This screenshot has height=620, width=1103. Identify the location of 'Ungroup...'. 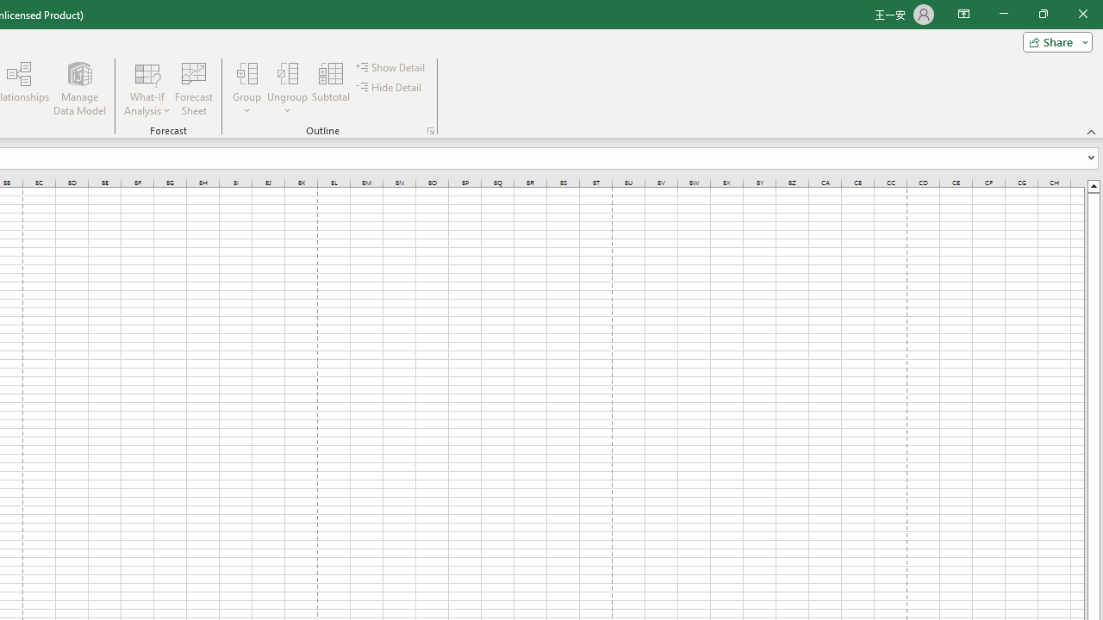
(288, 72).